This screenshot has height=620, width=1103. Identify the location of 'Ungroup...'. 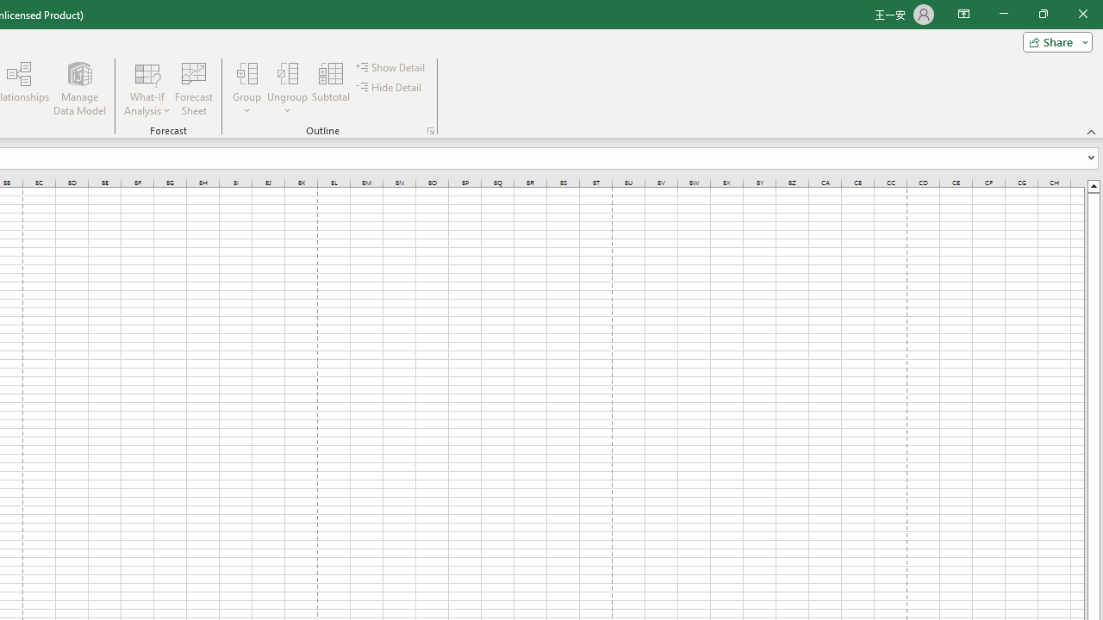
(288, 72).